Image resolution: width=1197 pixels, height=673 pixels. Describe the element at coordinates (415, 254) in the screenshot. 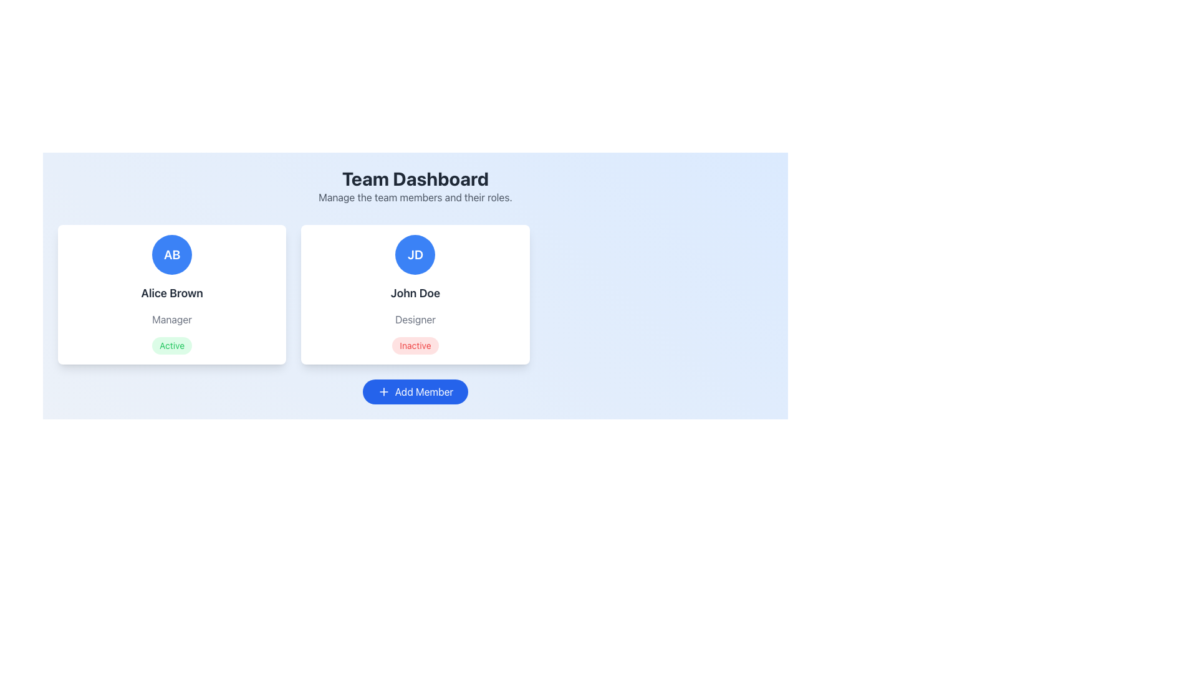

I see `the visual avatar or badge with blue background and initials 'JD' located at the upper center of the card representing 'John Doe'` at that location.